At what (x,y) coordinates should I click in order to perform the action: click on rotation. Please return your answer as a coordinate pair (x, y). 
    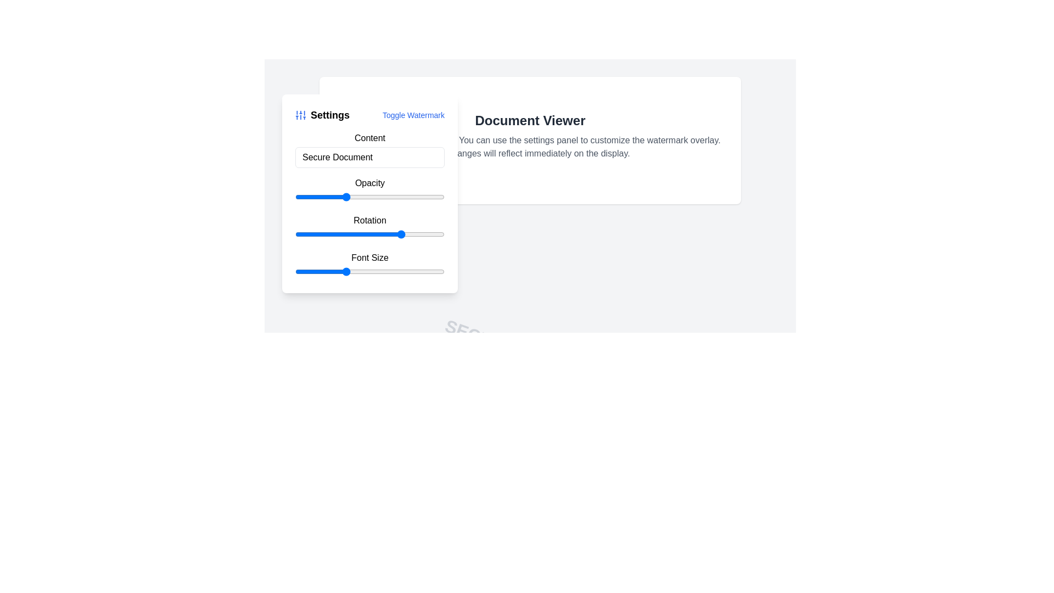
    Looking at the image, I should click on (308, 234).